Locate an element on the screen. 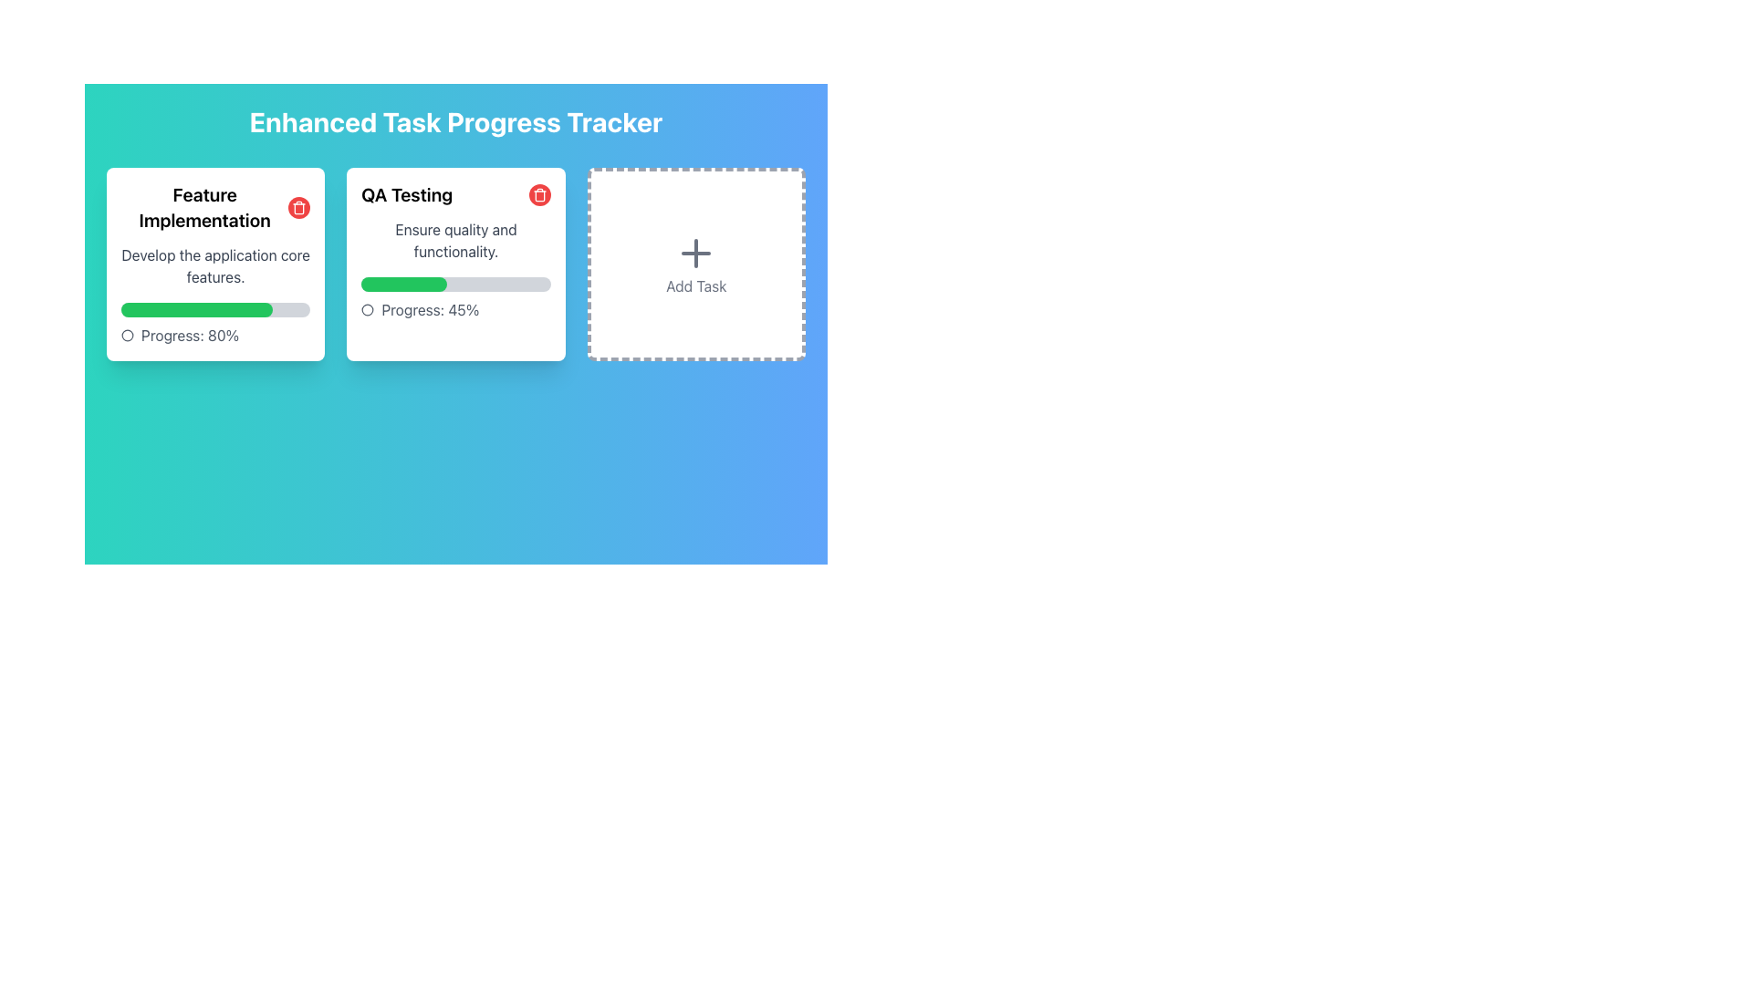 The image size is (1752, 985). the task card labeled 'QA Testing', which is the second card in a row of three within the grid layout is located at coordinates (455, 264).